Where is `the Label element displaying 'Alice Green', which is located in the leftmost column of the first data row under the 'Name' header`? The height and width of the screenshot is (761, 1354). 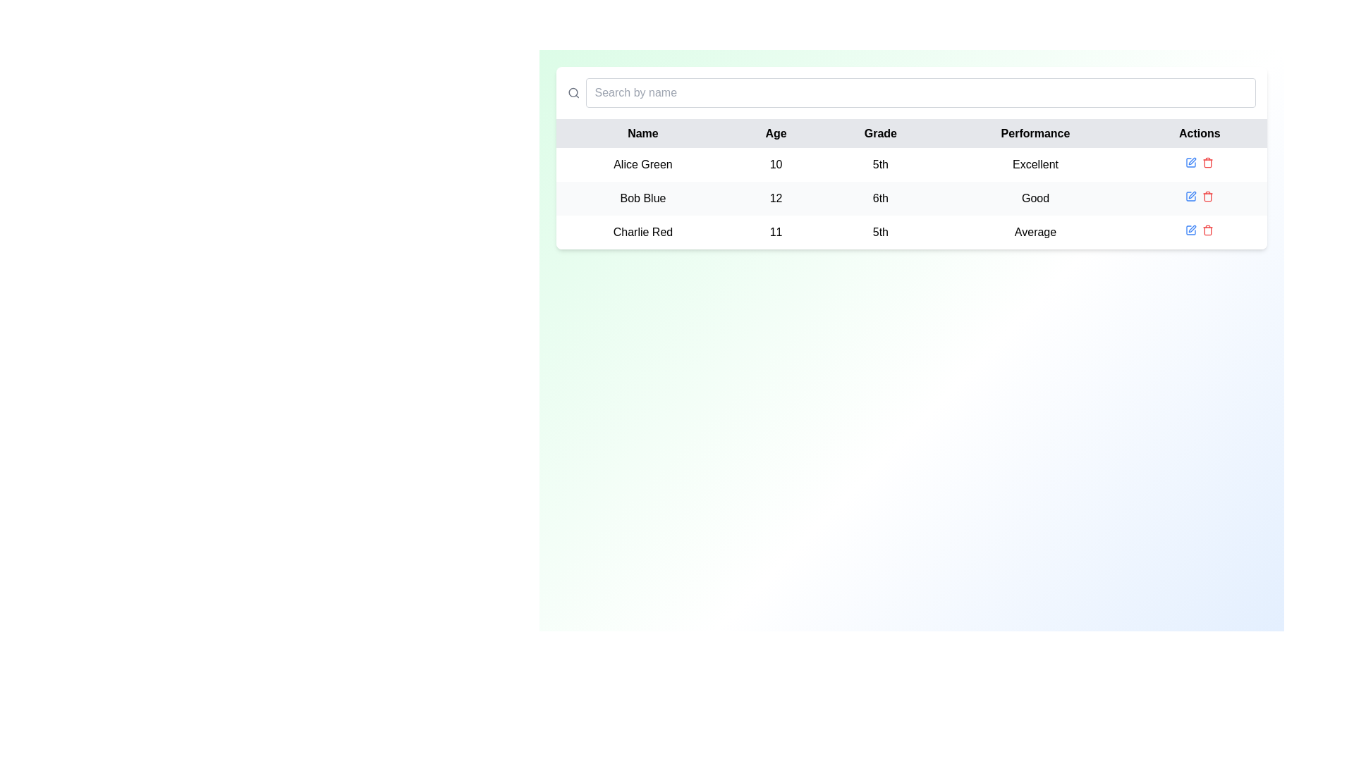 the Label element displaying 'Alice Green', which is located in the leftmost column of the first data row under the 'Name' header is located at coordinates (642, 164).